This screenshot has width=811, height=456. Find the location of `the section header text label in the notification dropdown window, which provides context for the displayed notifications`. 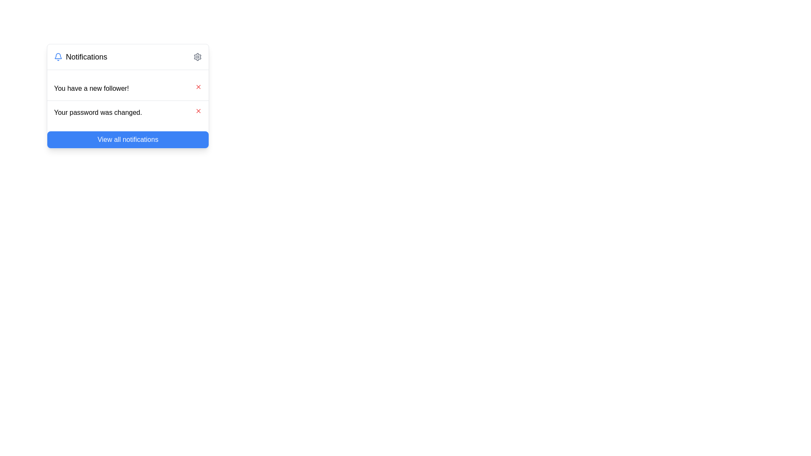

the section header text label in the notification dropdown window, which provides context for the displayed notifications is located at coordinates (87, 57).